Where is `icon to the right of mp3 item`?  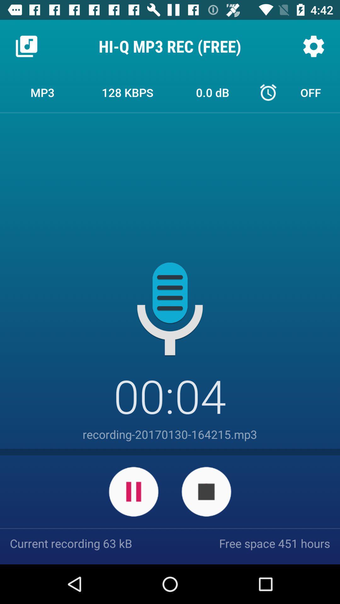 icon to the right of mp3 item is located at coordinates (127, 92).